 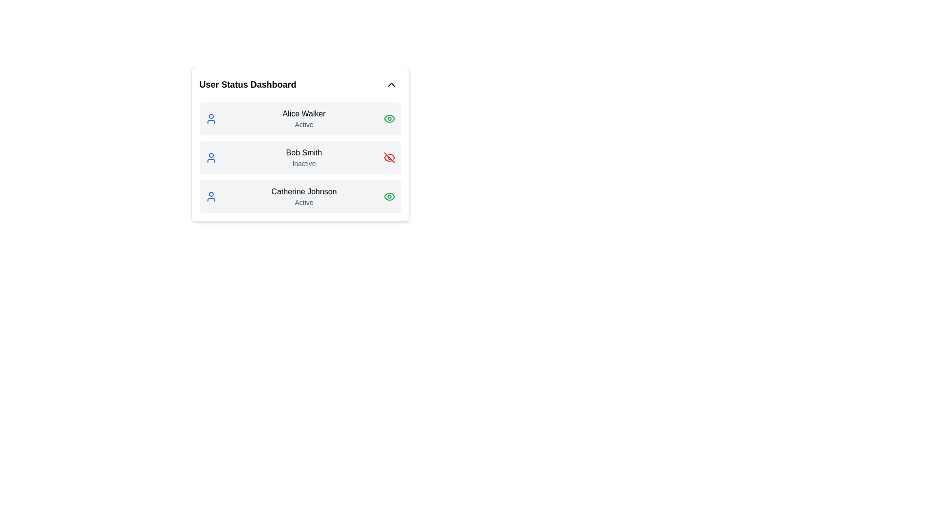 I want to click on the red slashed eye icon indicating visibility settings for user Bob Smith, located in the second row of the user status items list, so click(x=389, y=157).